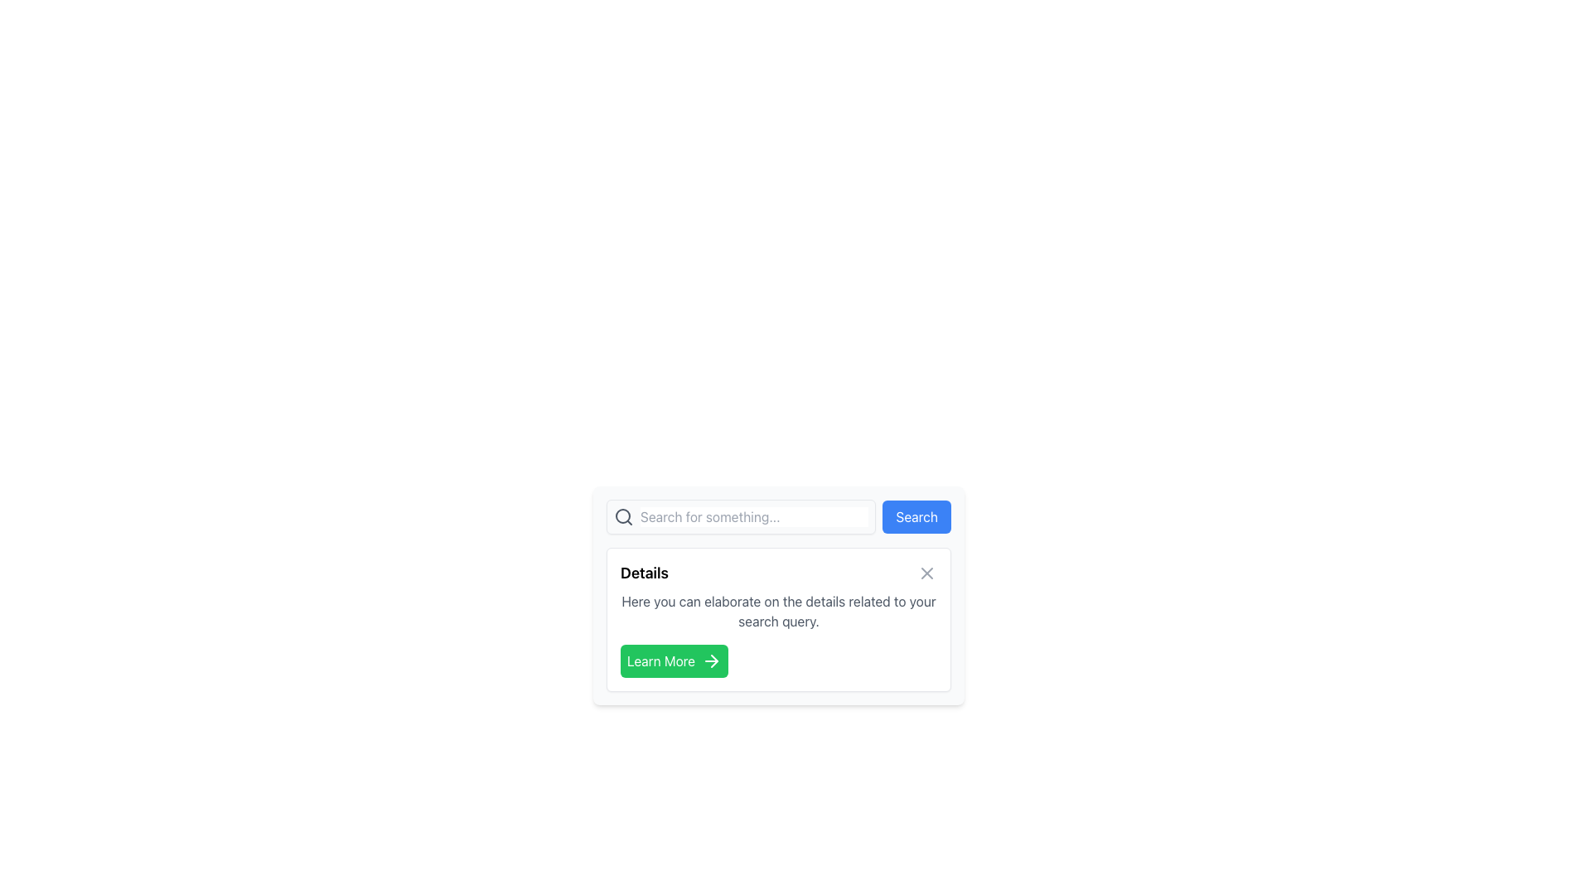 The height and width of the screenshot is (895, 1591). What do you see at coordinates (916, 516) in the screenshot?
I see `the 'Search' button with a blue background and white text to change its visual appearance` at bounding box center [916, 516].